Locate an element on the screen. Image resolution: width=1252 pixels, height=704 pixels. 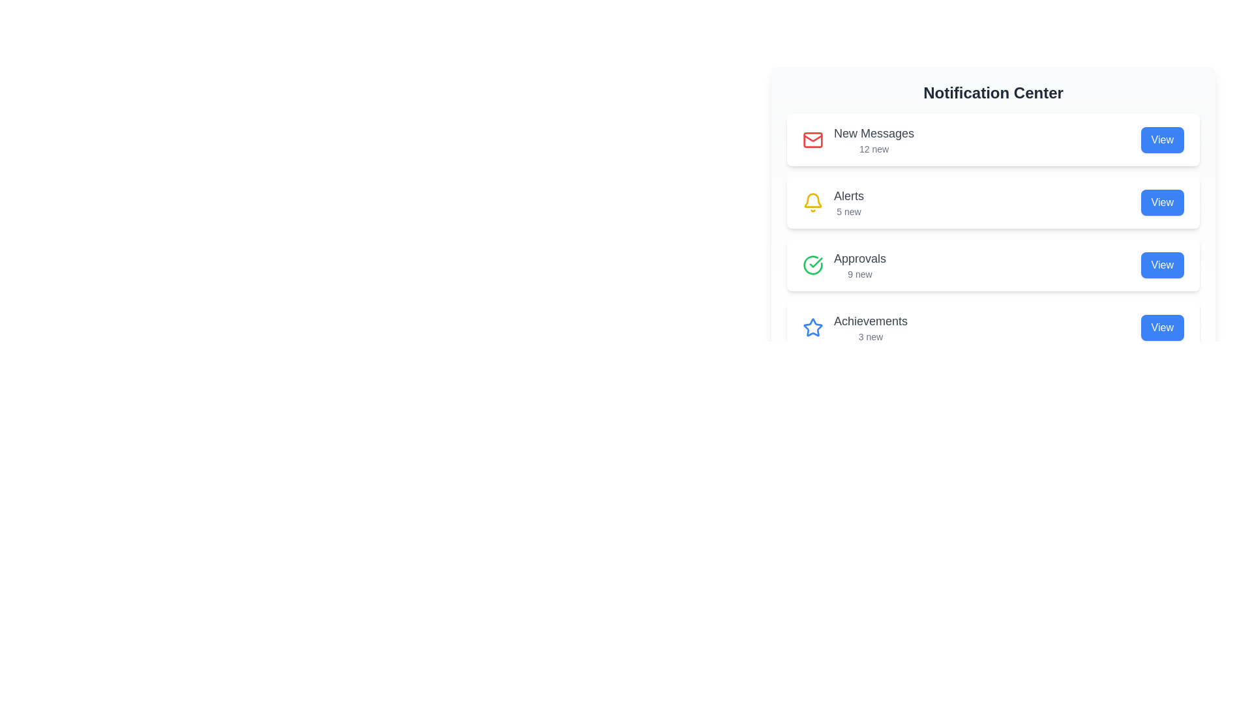
the 'Approvals' text element which displays '9 new' beneath it, located in the Notification Center card layout is located at coordinates (860, 265).